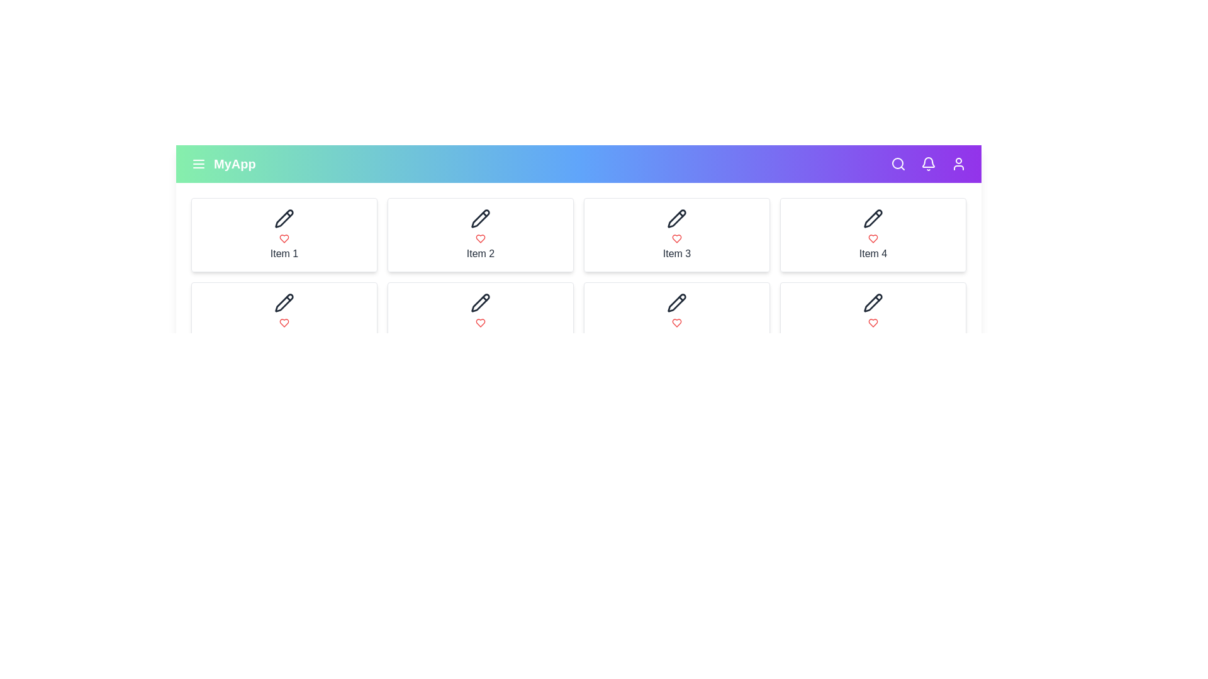 Image resolution: width=1208 pixels, height=679 pixels. I want to click on the search icon to initiate a search, so click(898, 163).